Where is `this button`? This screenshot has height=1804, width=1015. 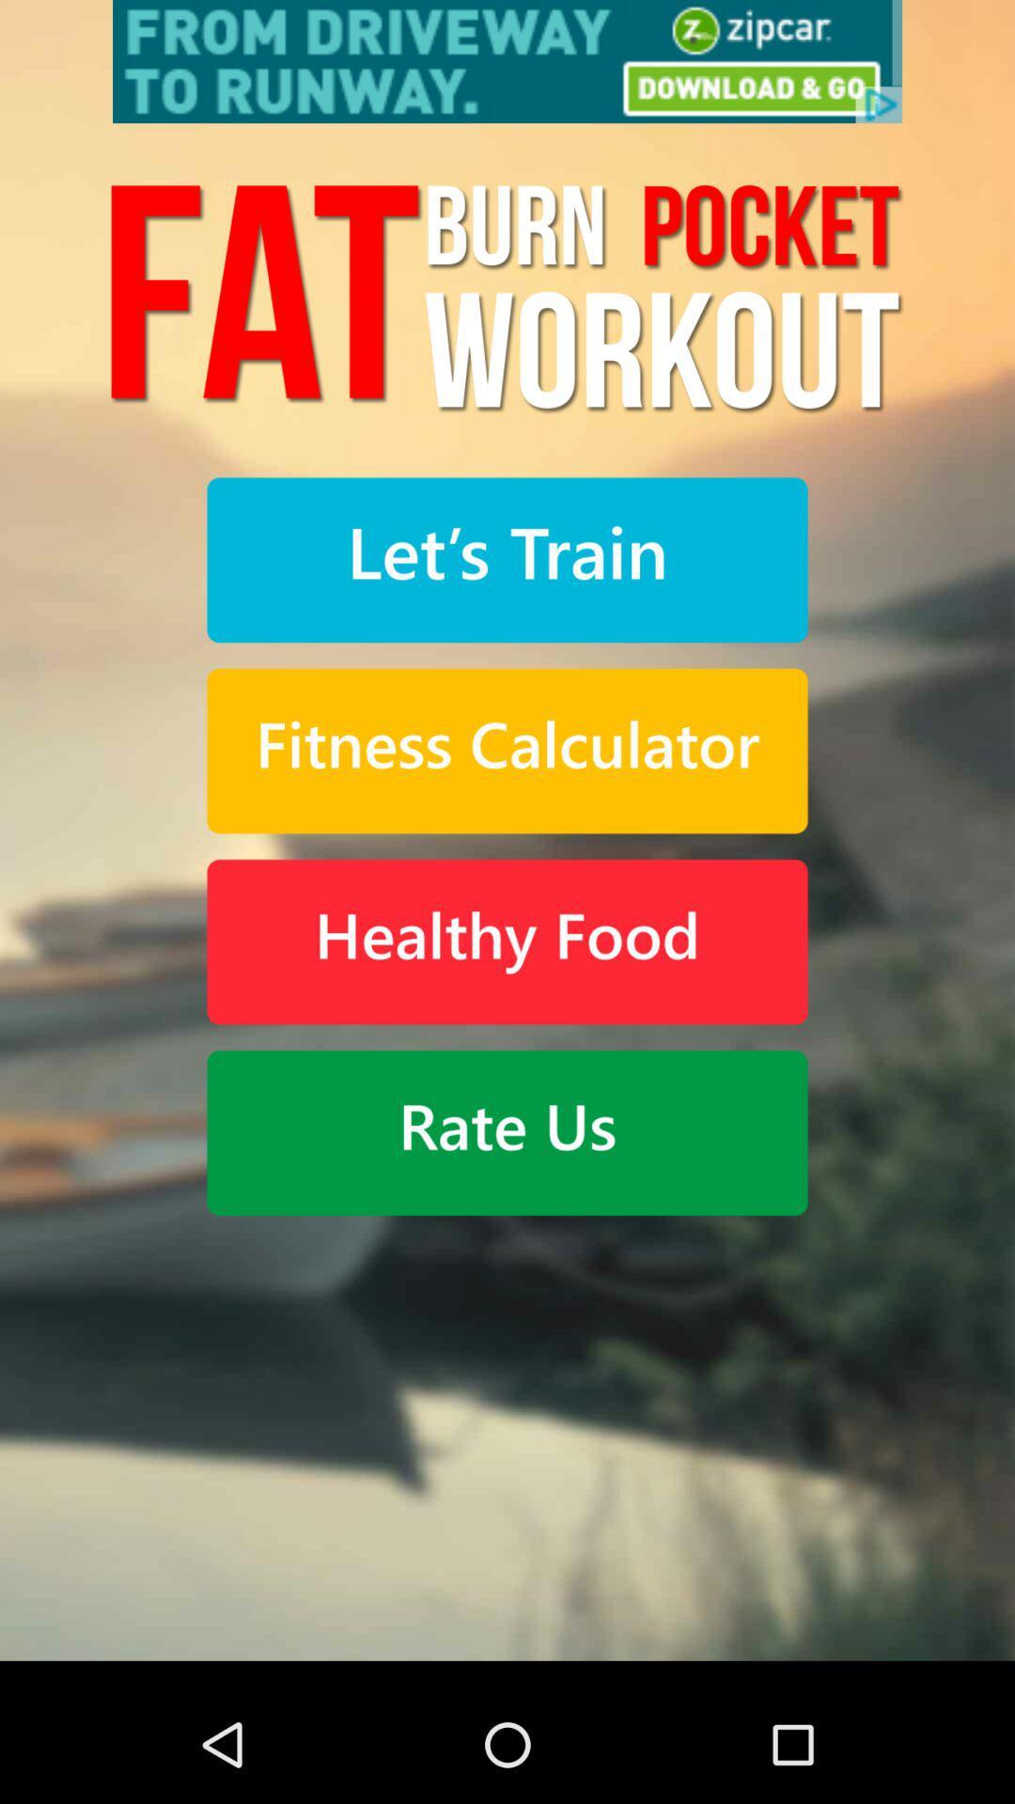
this button is located at coordinates (507, 750).